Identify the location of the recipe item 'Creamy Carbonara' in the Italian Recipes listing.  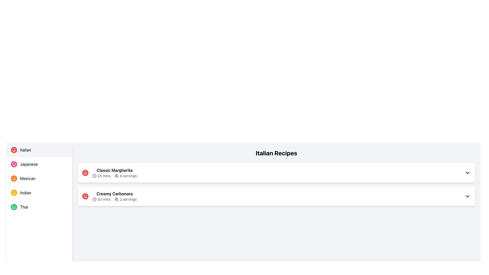
(114, 196).